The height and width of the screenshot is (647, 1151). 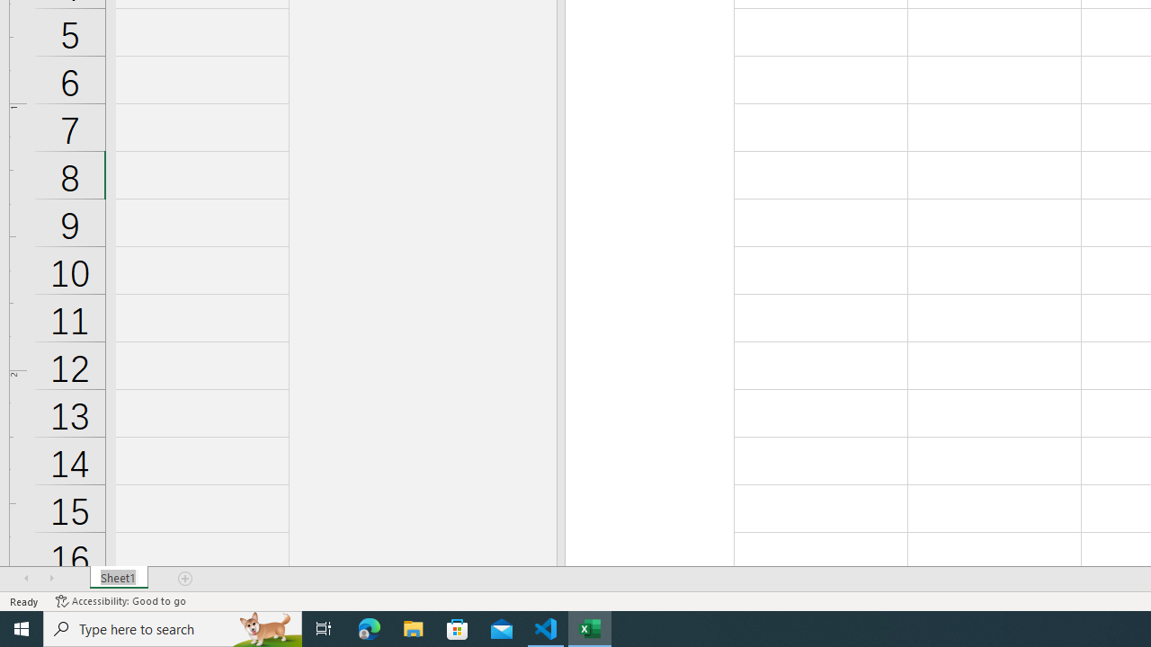 I want to click on 'Sheet1', so click(x=118, y=579).